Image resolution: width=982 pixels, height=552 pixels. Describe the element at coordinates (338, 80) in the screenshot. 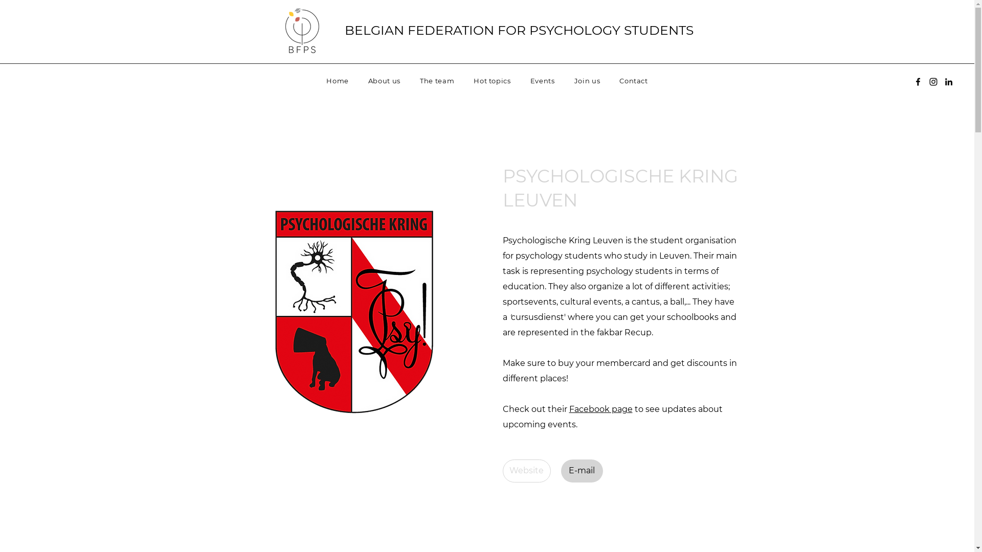

I see `'Home'` at that location.